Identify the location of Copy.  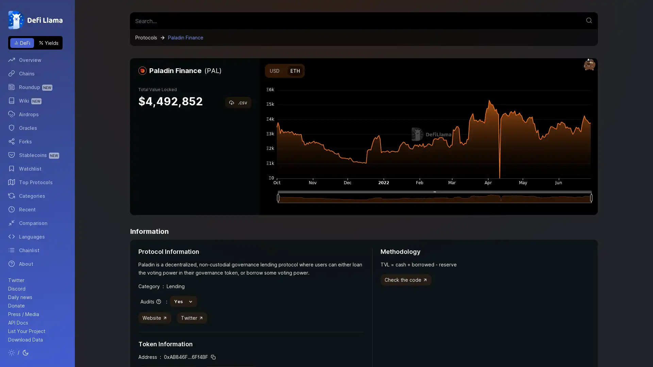
(213, 356).